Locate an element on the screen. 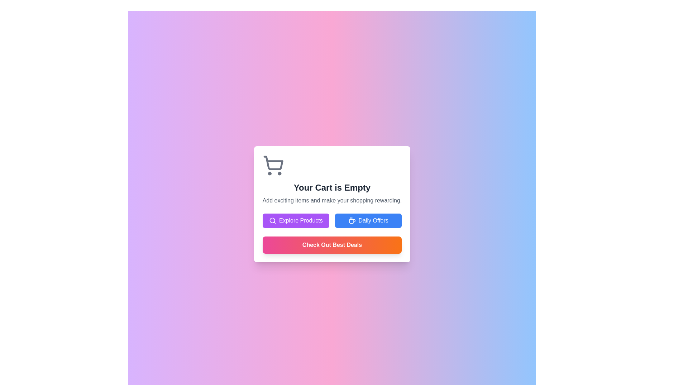  the shopping cart icon located at the top left corner of the card, which indicates virtual cart management status is located at coordinates (273, 166).